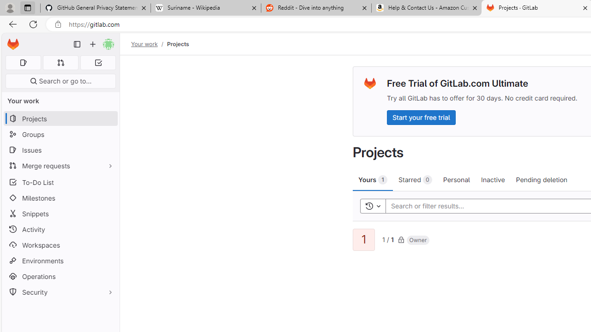 This screenshot has height=332, width=591. I want to click on 'Snippets', so click(60, 213).